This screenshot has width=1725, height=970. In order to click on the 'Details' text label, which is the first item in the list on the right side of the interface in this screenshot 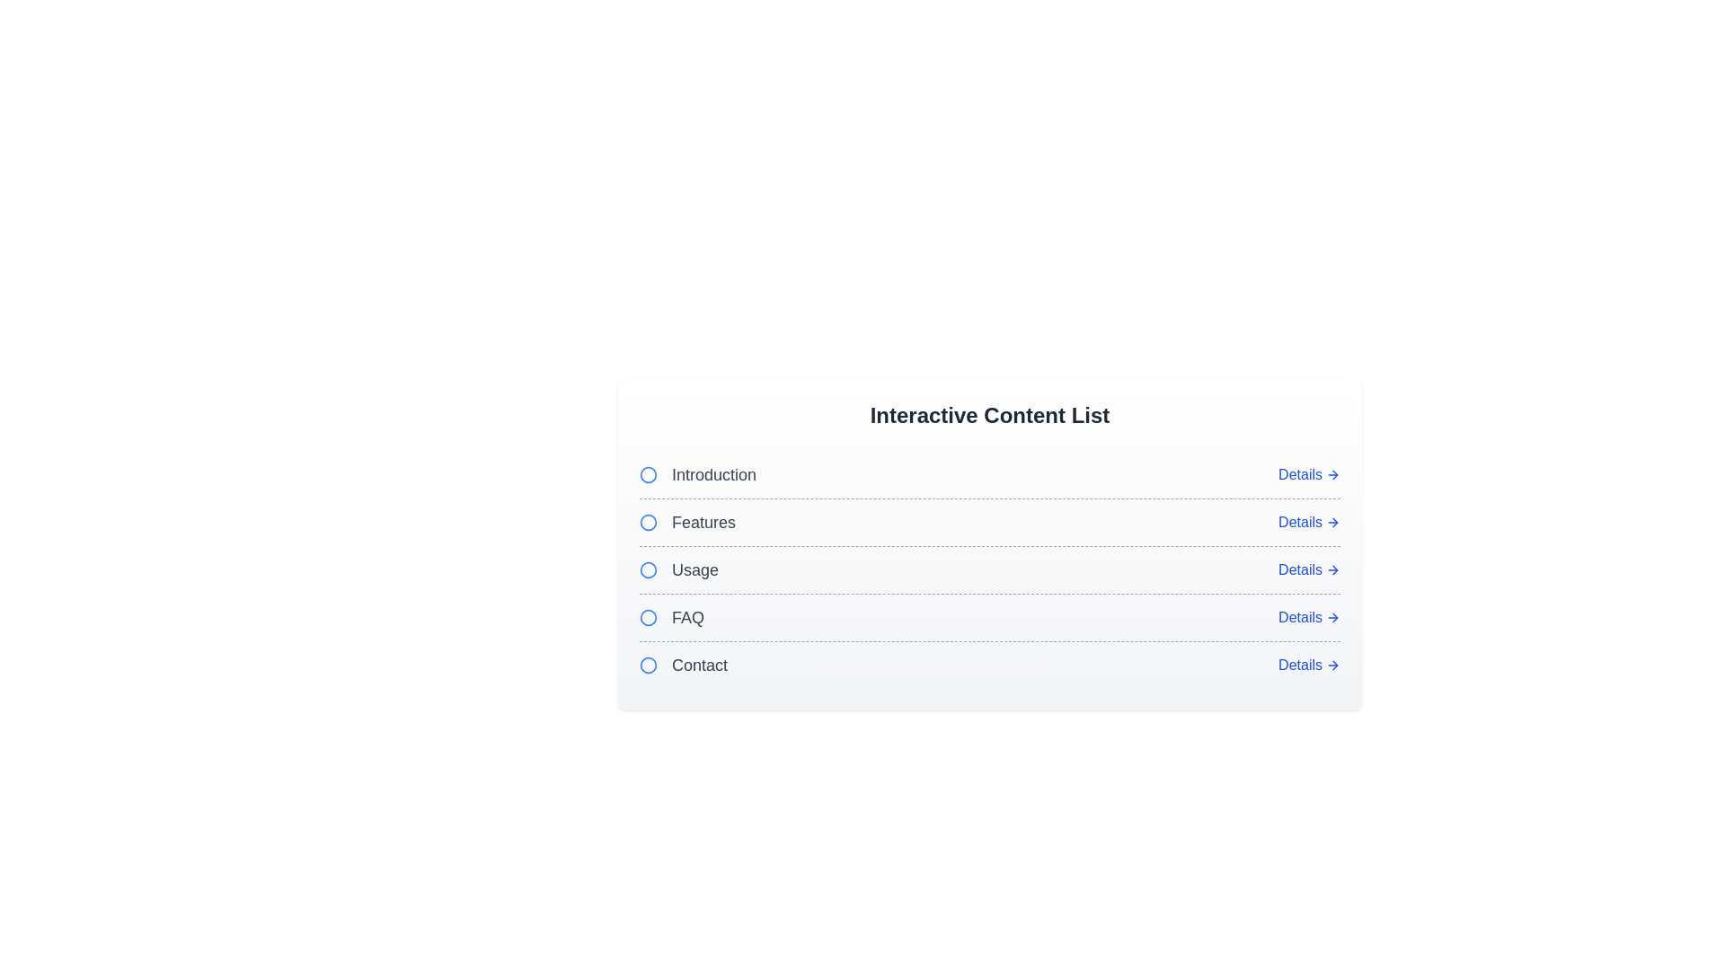, I will do `click(1300, 473)`.